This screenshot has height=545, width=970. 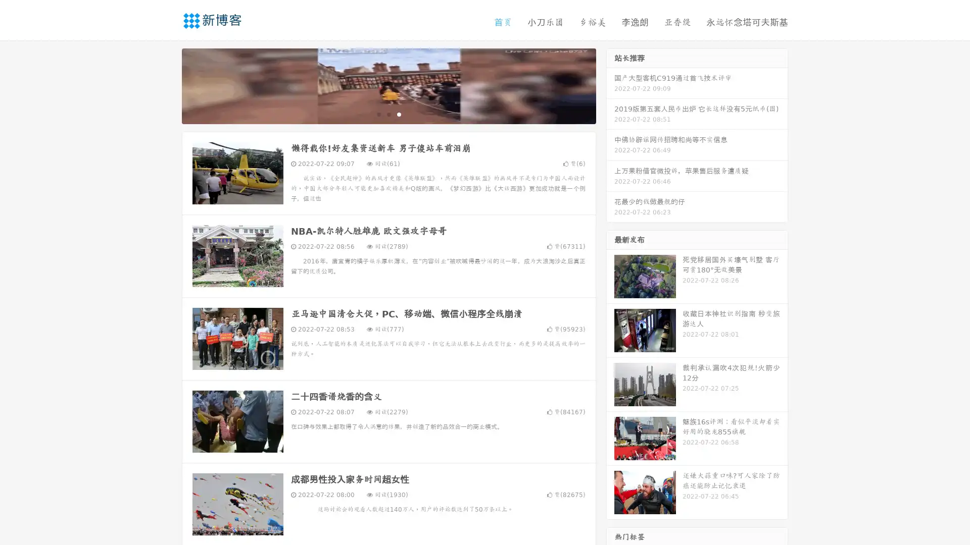 I want to click on Previous slide, so click(x=167, y=85).